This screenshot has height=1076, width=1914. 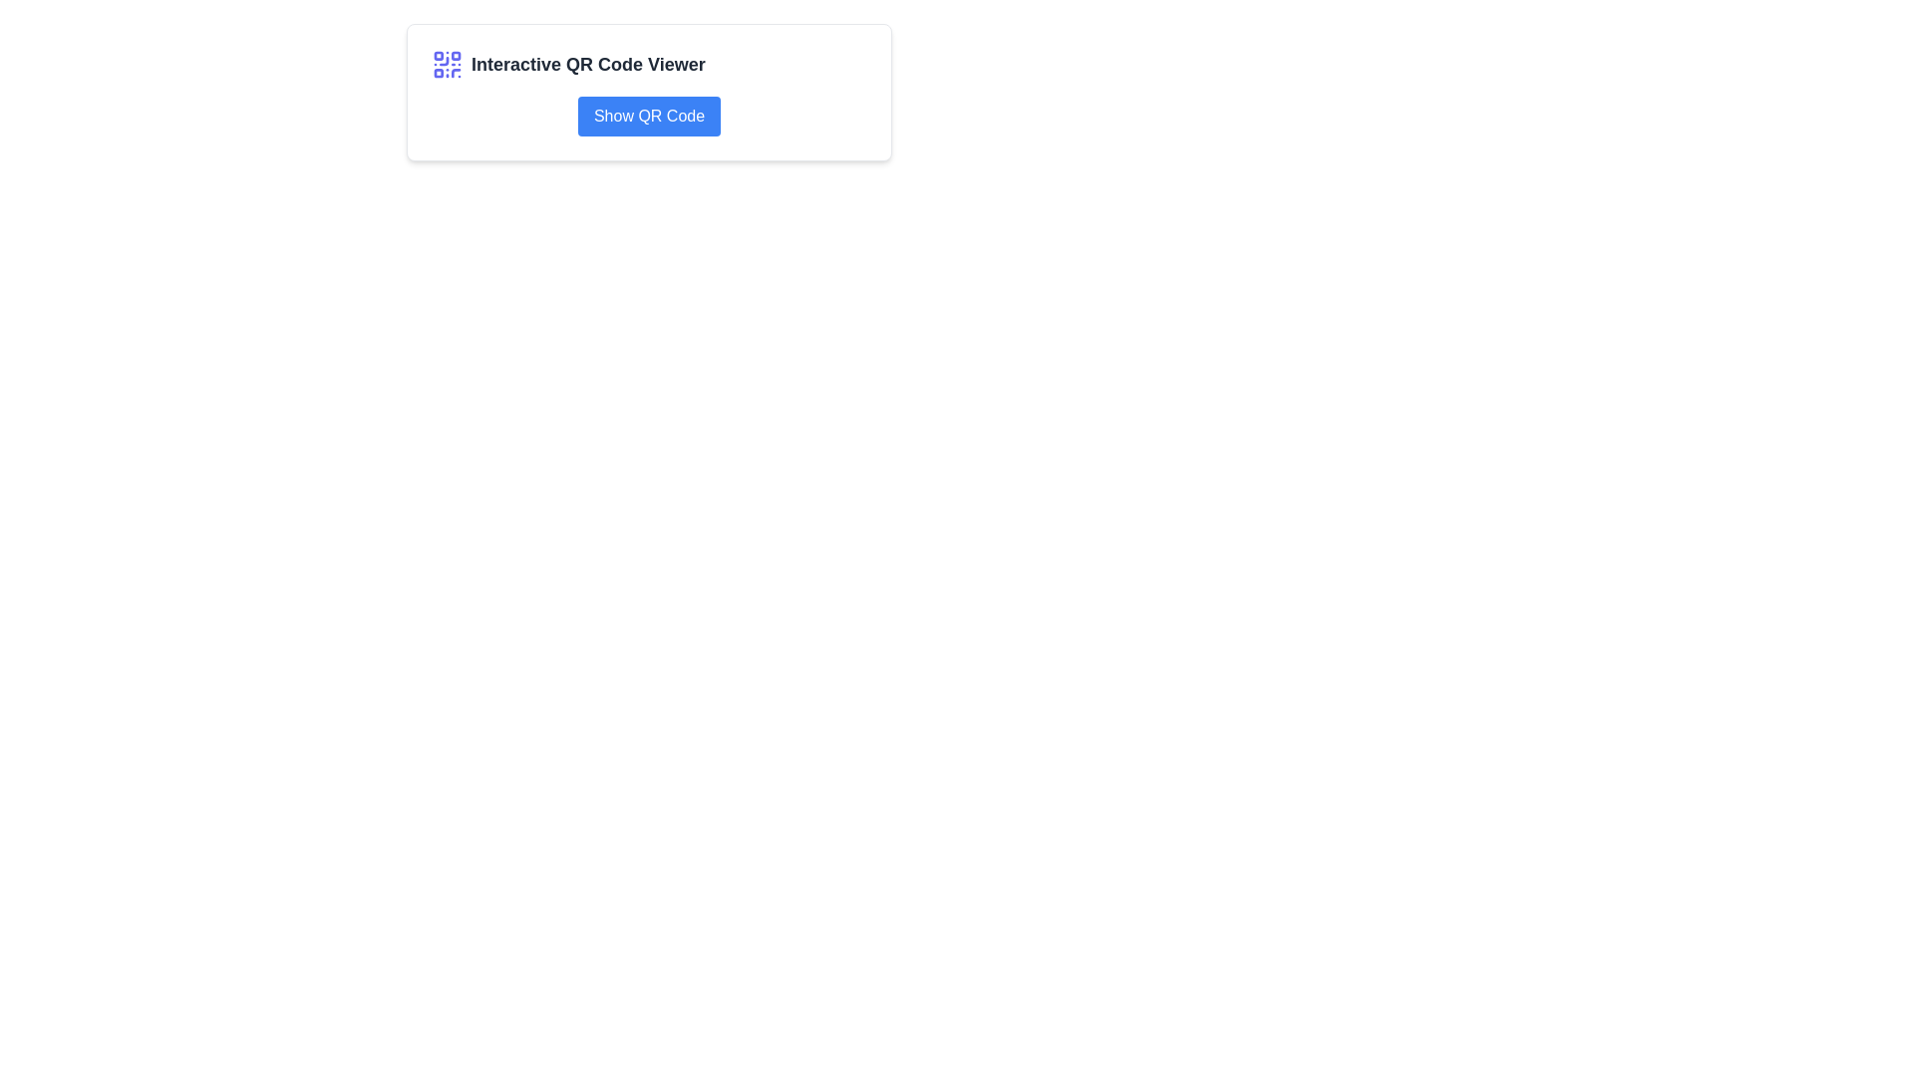 What do you see at coordinates (447, 64) in the screenshot?
I see `the QR Code icon, which is indigo with a rounded outline, located to the left of the 'Interactive QR Code Viewer' text` at bounding box center [447, 64].